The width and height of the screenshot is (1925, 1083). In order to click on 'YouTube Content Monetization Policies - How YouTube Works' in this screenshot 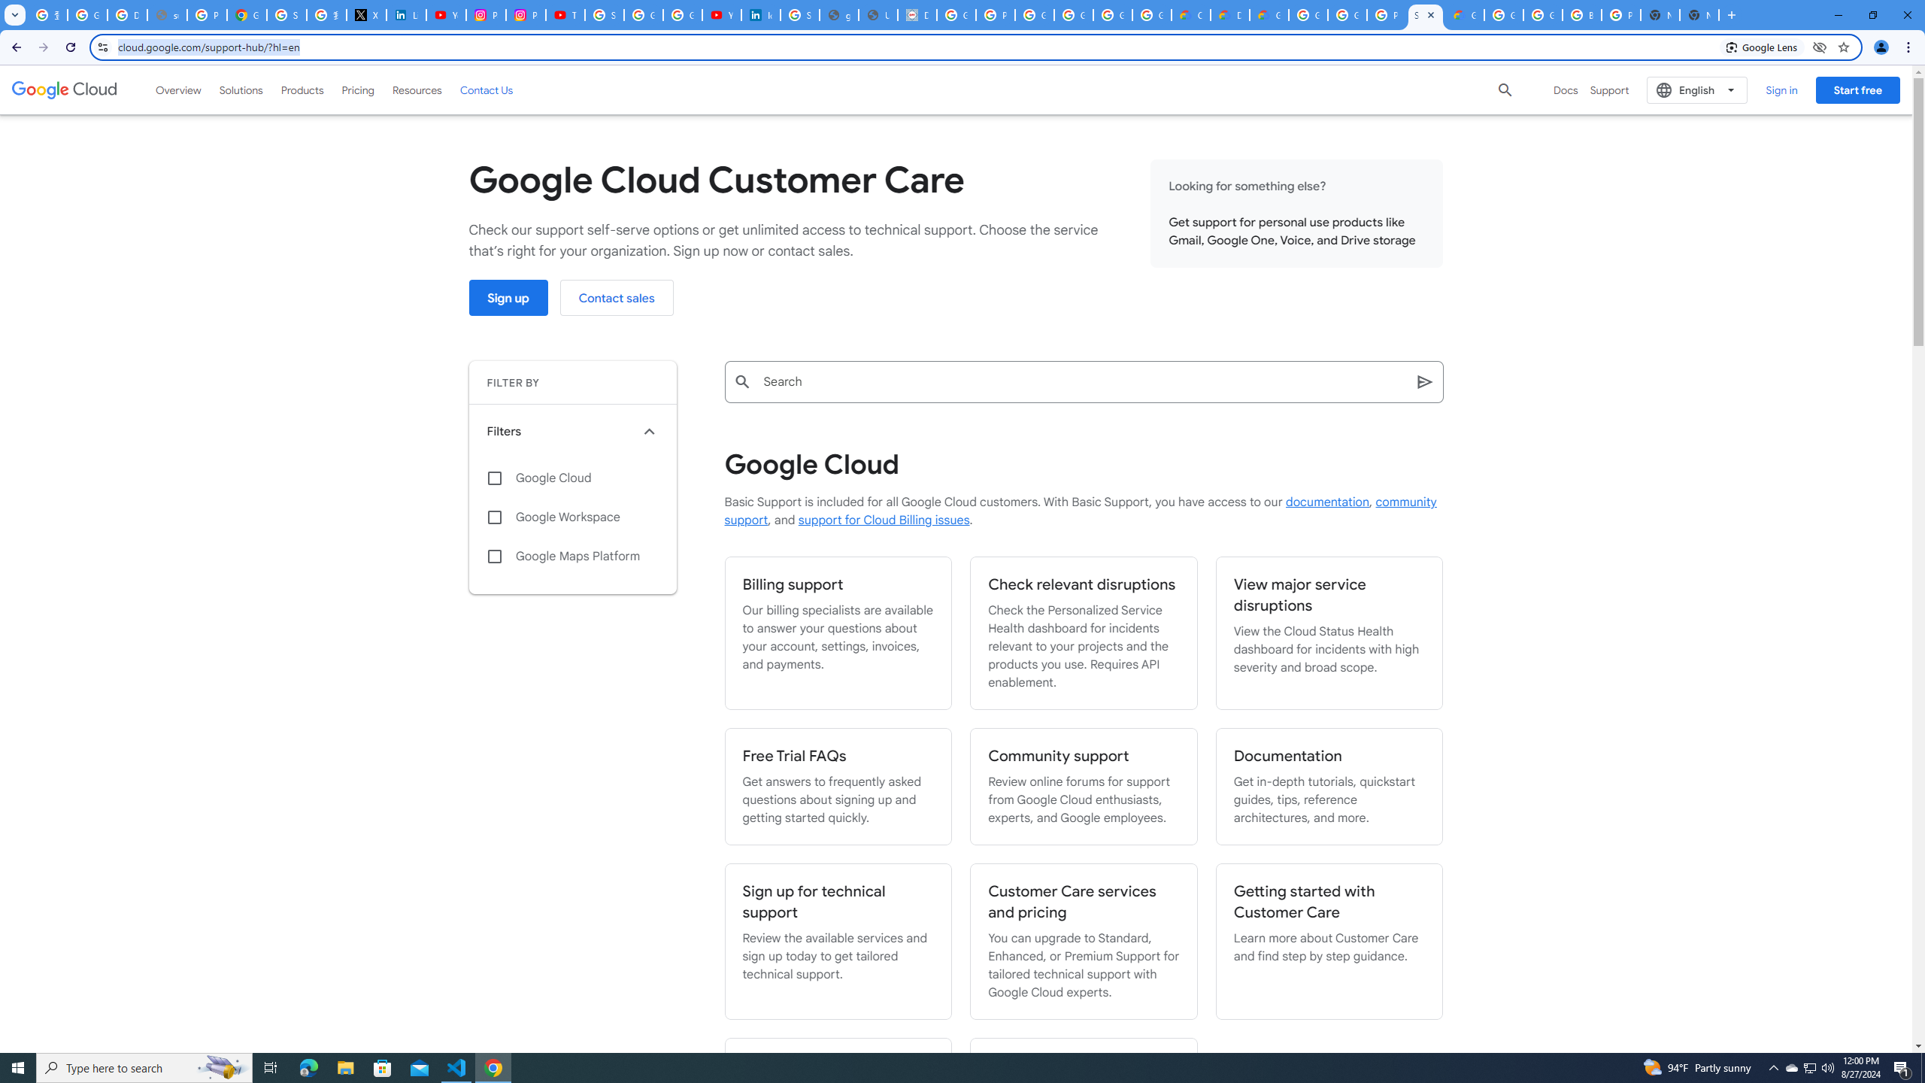, I will do `click(445, 14)`.